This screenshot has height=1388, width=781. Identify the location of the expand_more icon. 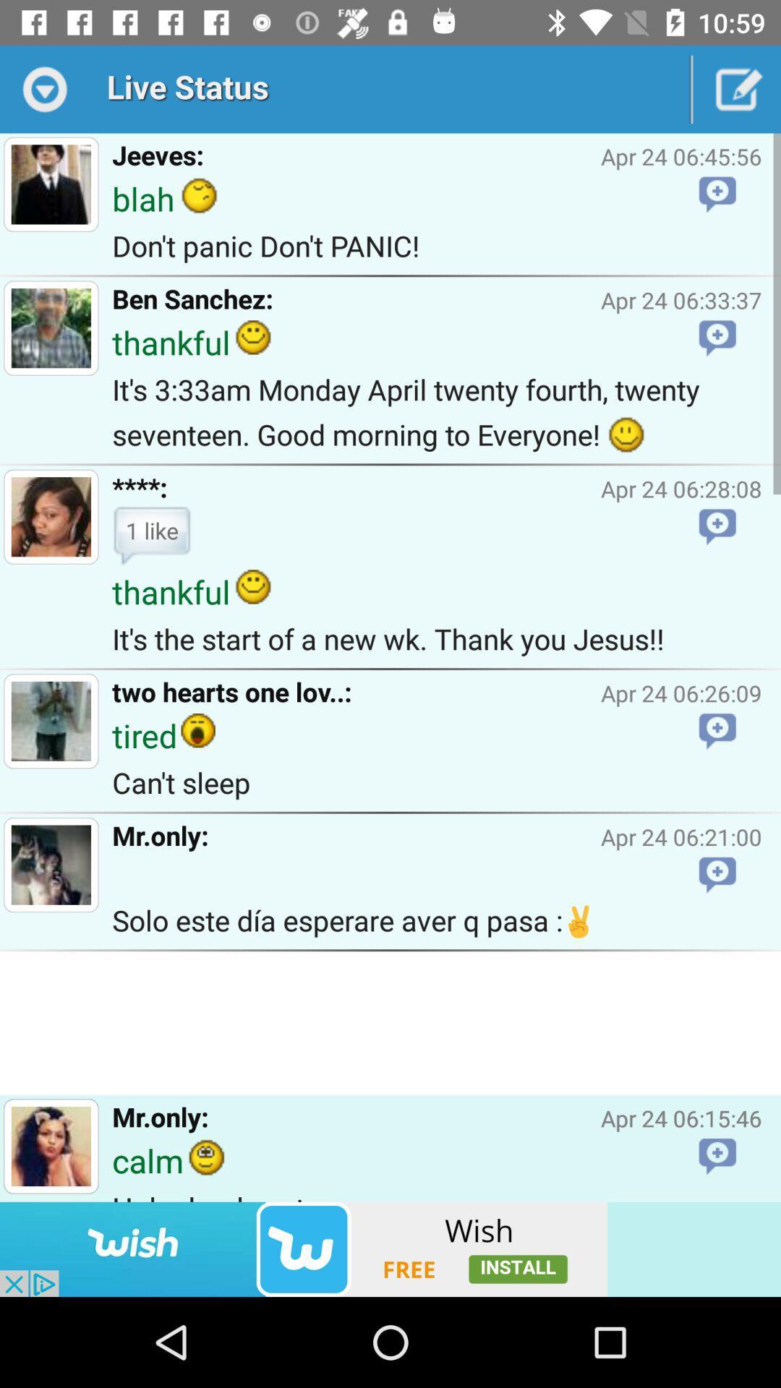
(43, 88).